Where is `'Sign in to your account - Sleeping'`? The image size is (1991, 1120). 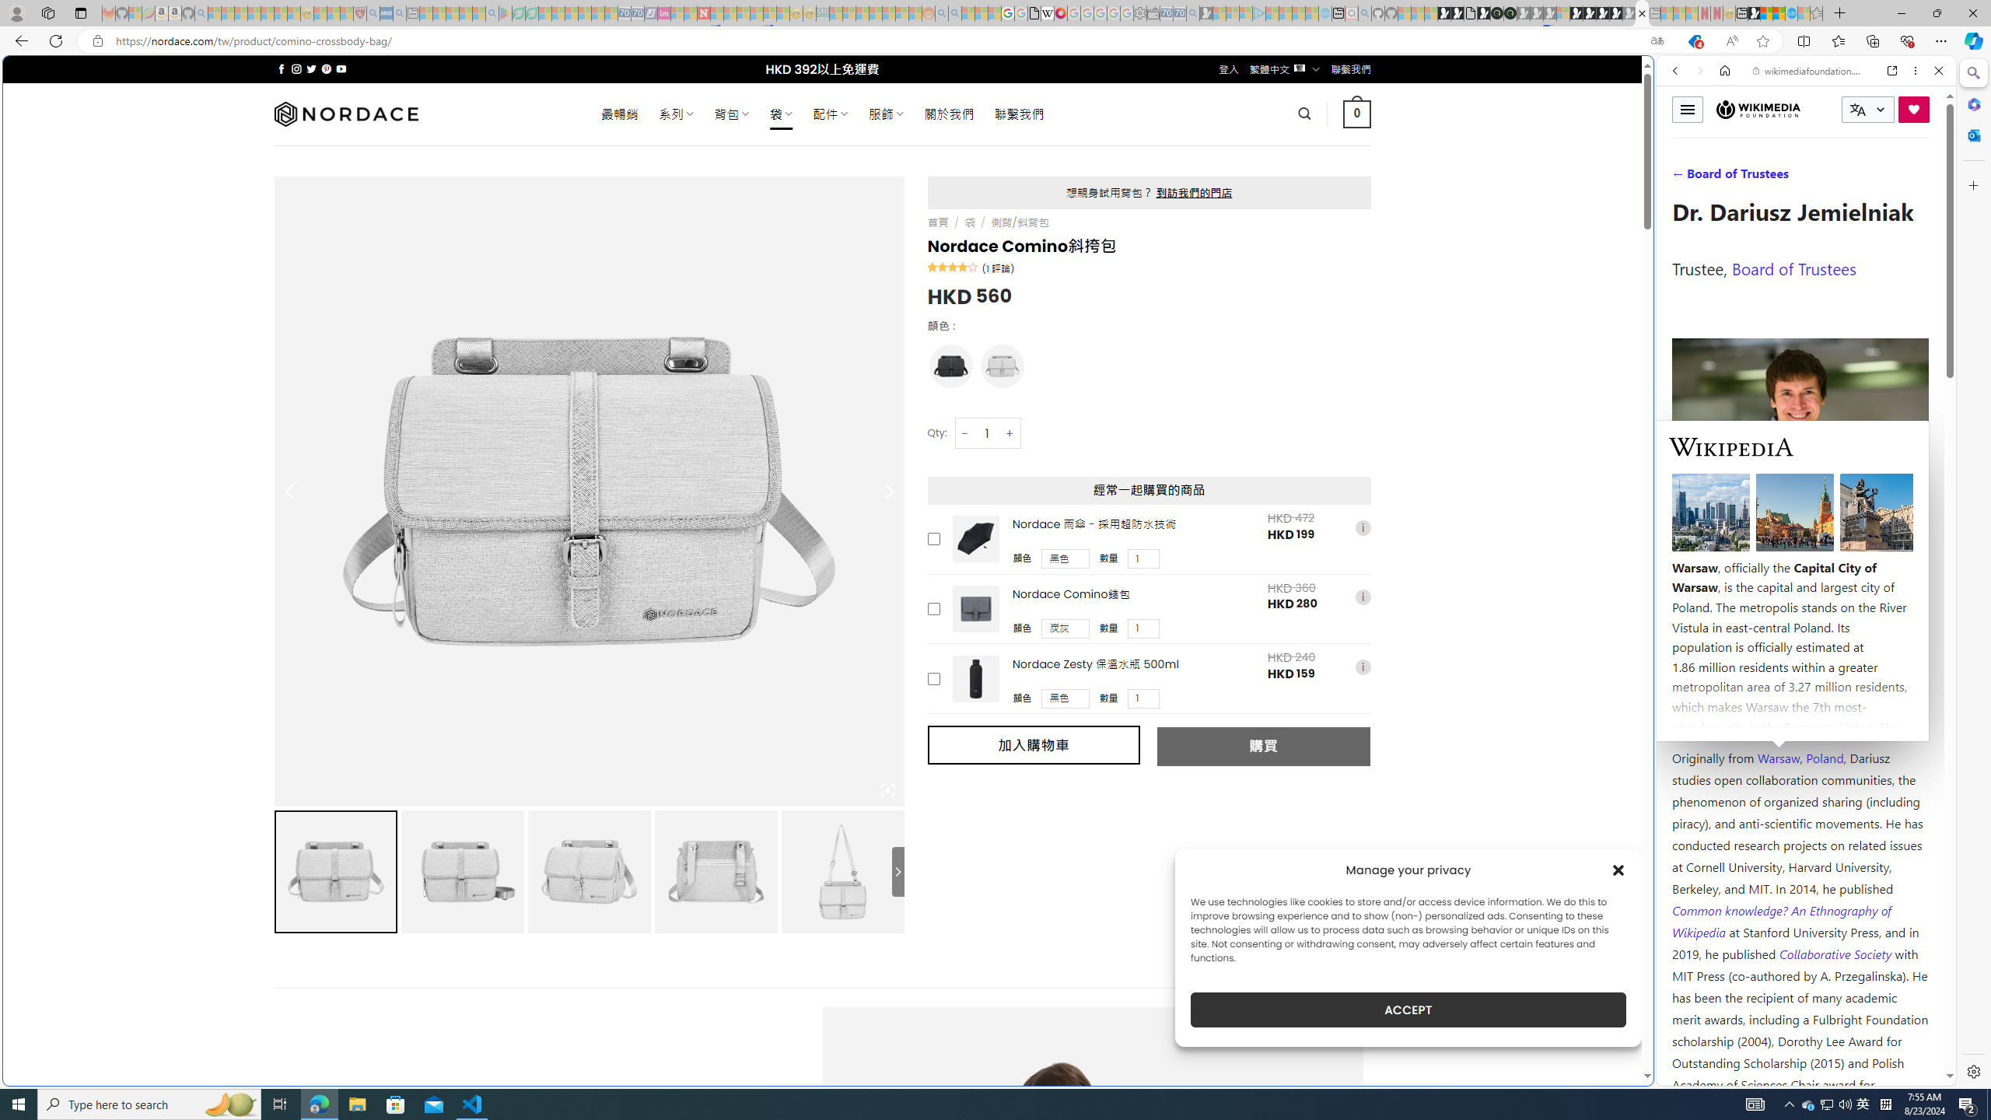
'Sign in to your account - Sleeping' is located at coordinates (1562, 12).